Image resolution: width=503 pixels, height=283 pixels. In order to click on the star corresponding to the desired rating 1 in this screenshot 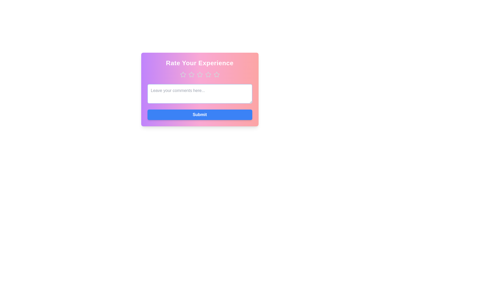, I will do `click(183, 75)`.